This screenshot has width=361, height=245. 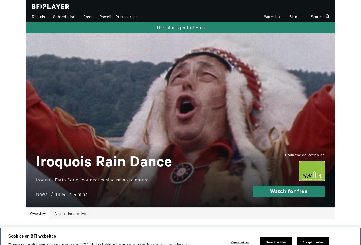 What do you see at coordinates (270, 191) in the screenshot?
I see `'Watch for free'` at bounding box center [270, 191].